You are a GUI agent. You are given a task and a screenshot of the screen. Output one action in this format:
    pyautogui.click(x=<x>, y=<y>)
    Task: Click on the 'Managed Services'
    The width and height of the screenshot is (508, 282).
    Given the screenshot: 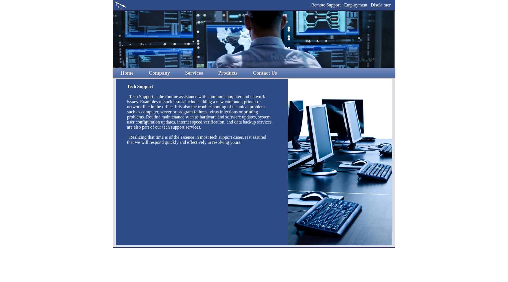 What is the action you would take?
    pyautogui.click(x=204, y=127)
    